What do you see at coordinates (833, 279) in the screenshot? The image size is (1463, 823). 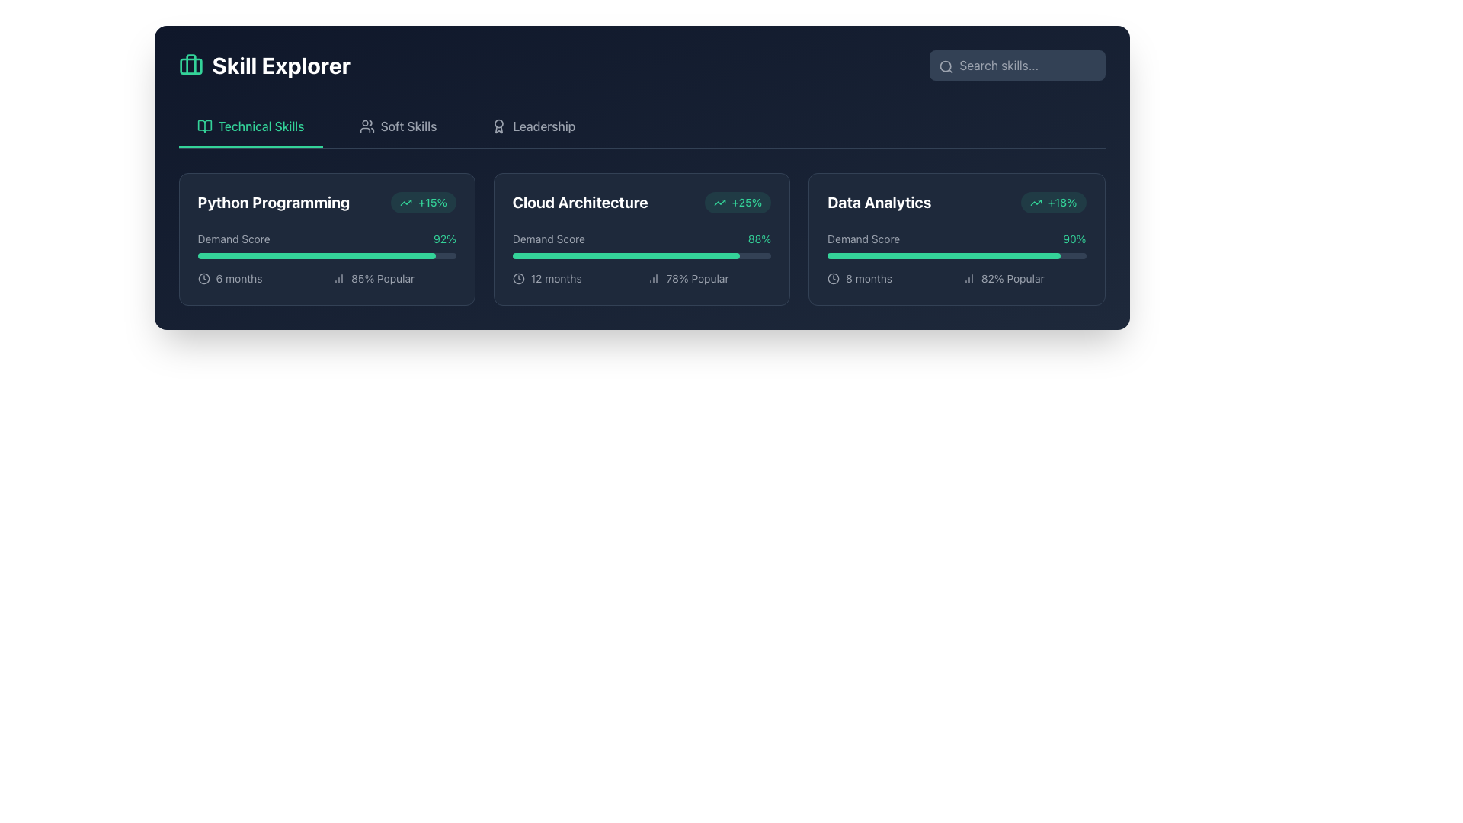 I see `the circular vector graphic of the clock icon representing the 'Data Analytics' skill's duration in the Technical Skills interface` at bounding box center [833, 279].